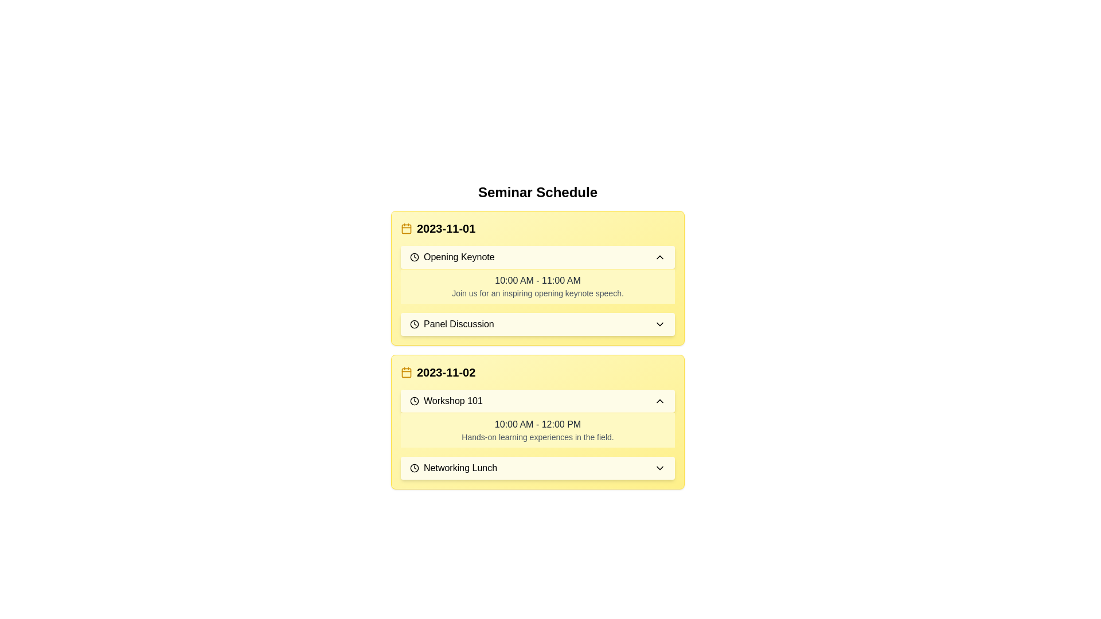 The image size is (1101, 619). I want to click on the Information display section for 'Opening Keynote' with the time range '10:00 AM - 11:00 AM' and description 'Join us for an inspiring opening keynote speech.', so click(537, 275).